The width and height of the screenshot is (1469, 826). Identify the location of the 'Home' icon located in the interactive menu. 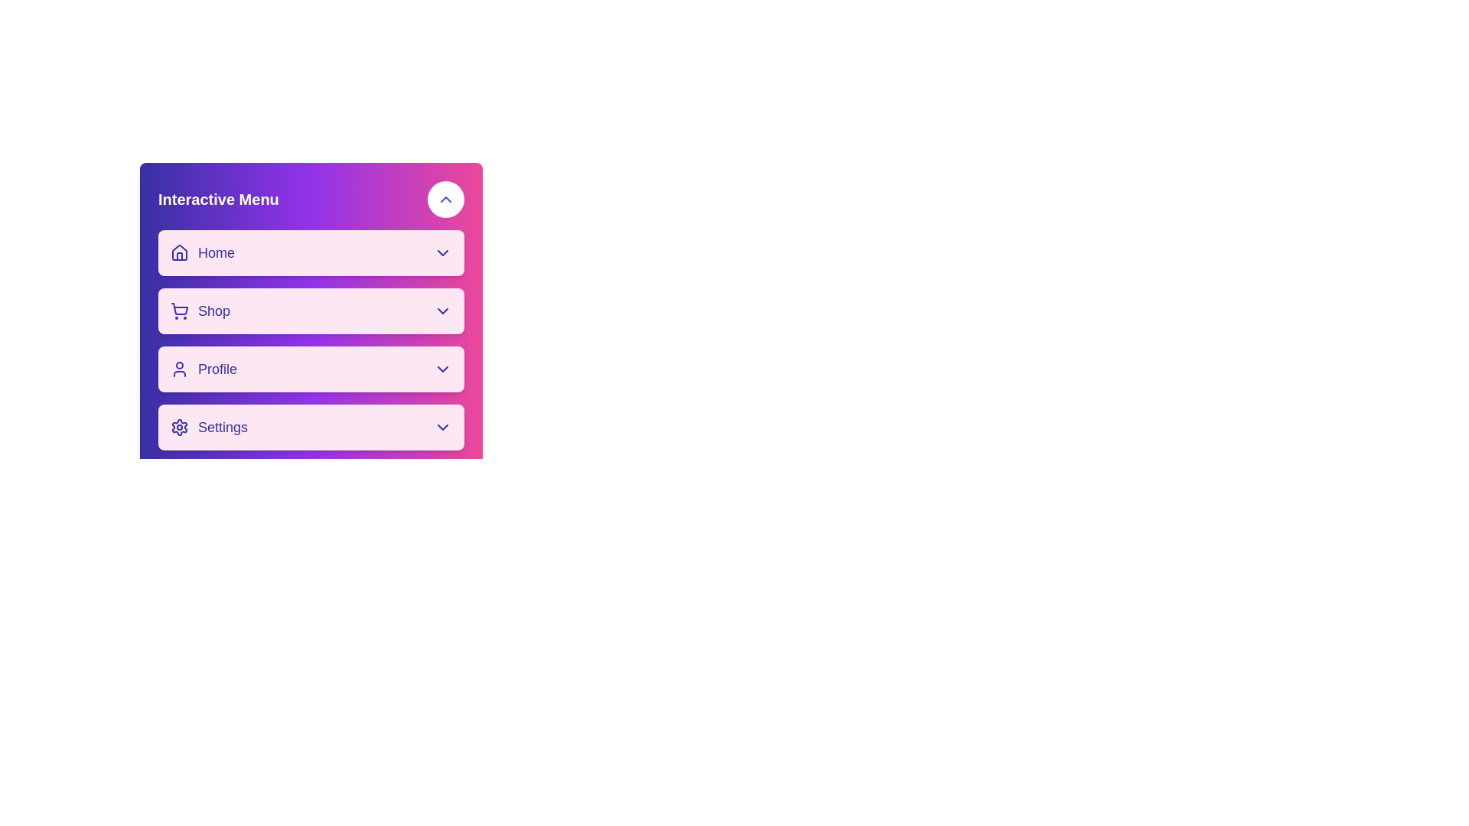
(180, 252).